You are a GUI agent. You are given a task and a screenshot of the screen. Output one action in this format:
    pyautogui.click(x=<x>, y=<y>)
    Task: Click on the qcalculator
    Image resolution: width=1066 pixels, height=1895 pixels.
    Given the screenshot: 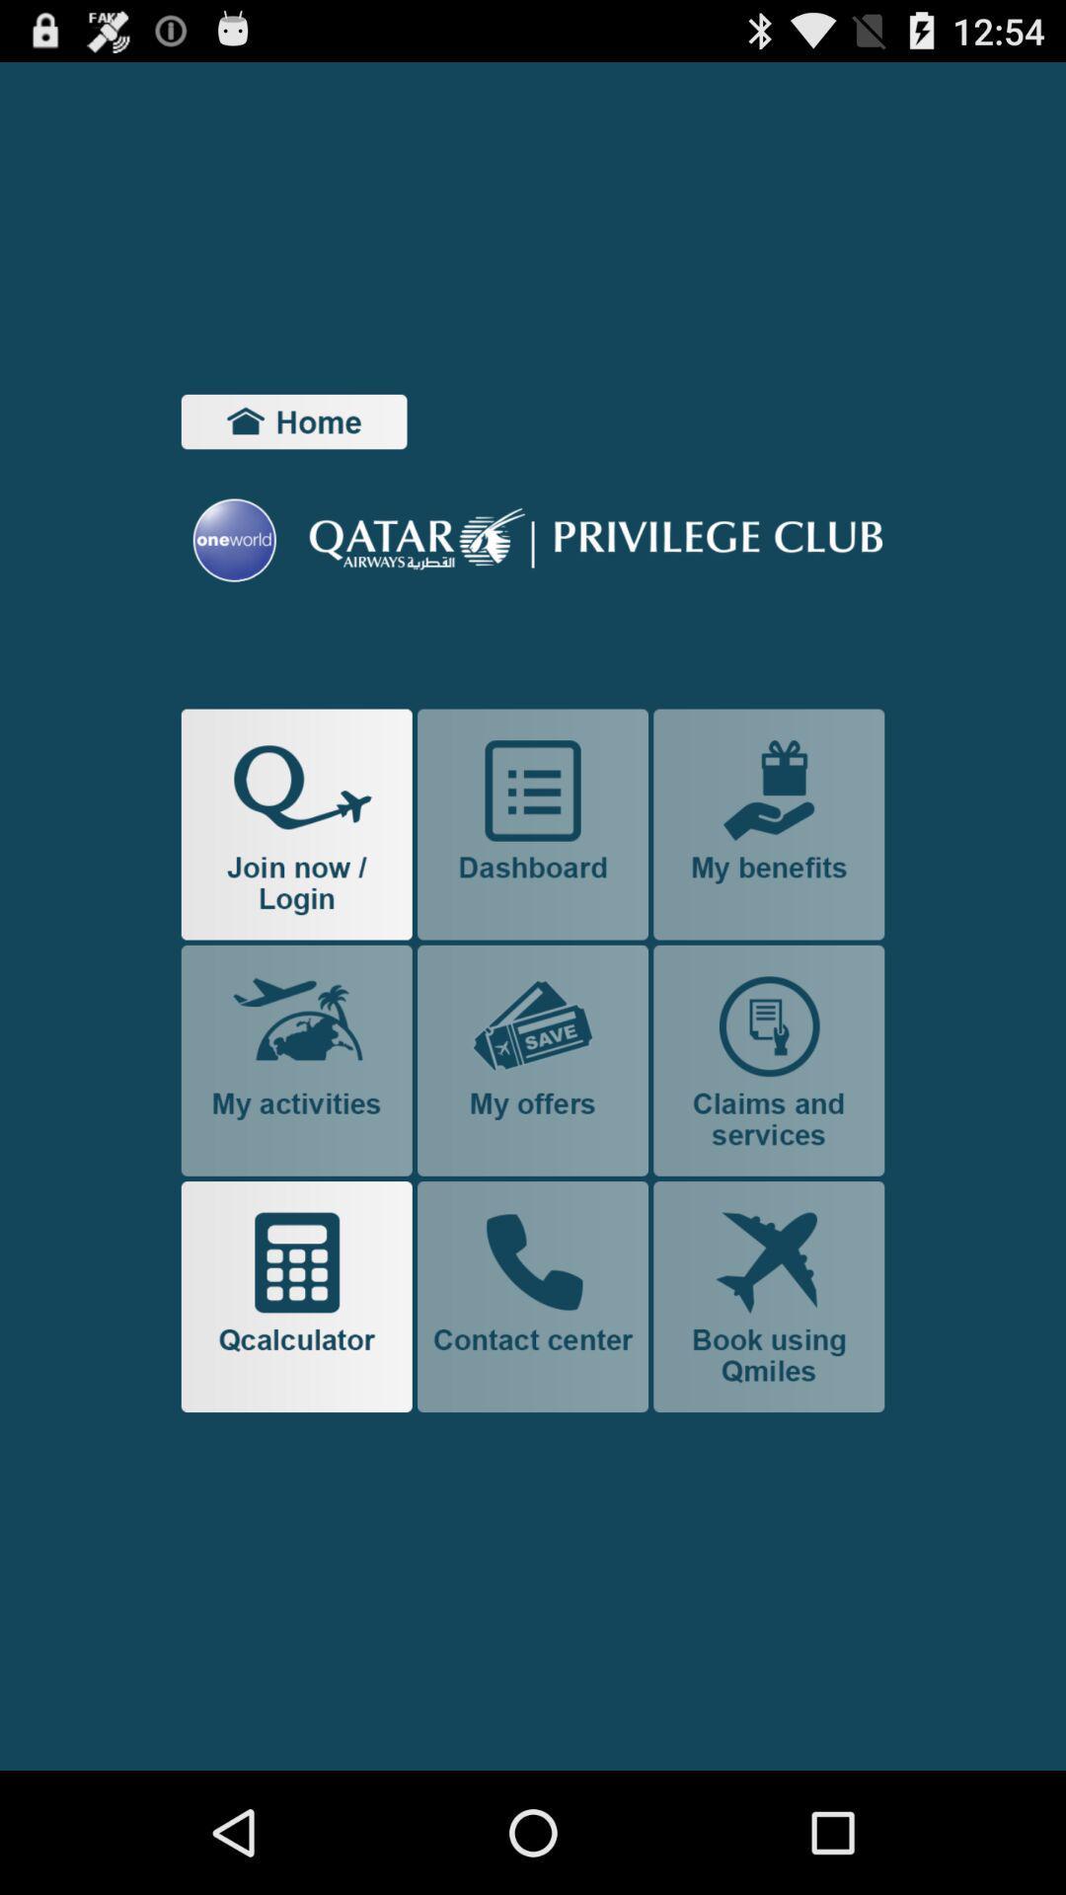 What is the action you would take?
    pyautogui.click(x=296, y=1297)
    